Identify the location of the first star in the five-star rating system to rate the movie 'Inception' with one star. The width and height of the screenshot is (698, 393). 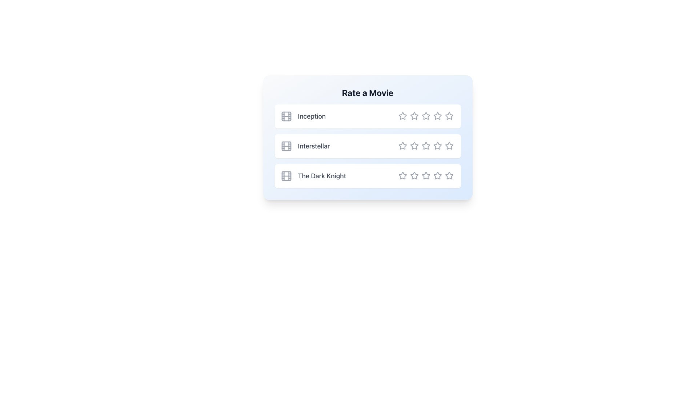
(402, 116).